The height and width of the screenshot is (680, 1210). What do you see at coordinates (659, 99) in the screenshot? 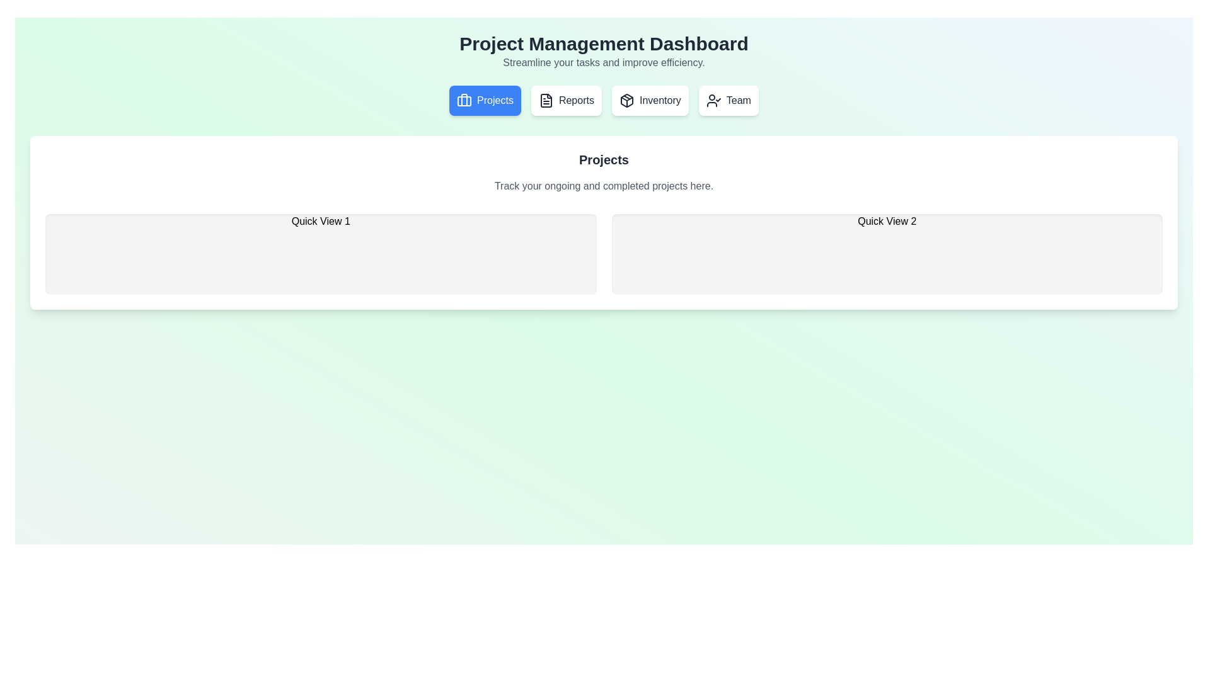
I see `the button labeled 'Inventory' located in the navigation bar below the main heading, which is the third option from the left between 'Reports' and 'Team'` at bounding box center [659, 99].